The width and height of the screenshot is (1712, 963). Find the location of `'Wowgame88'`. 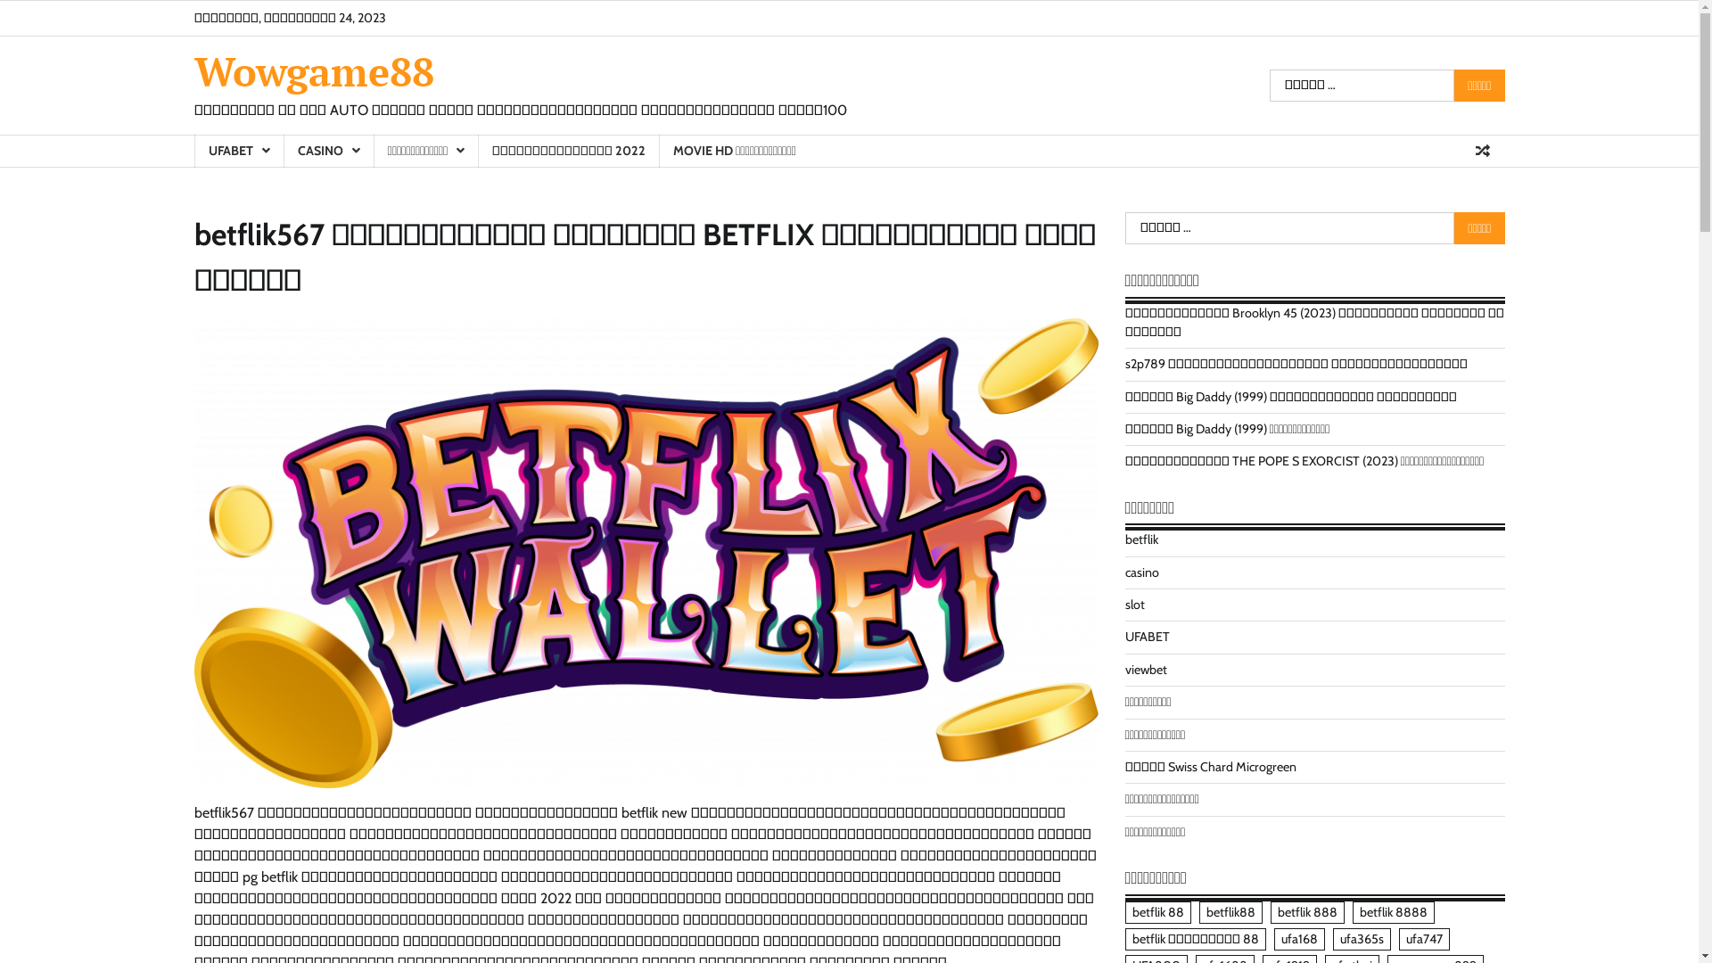

'Wowgame88' is located at coordinates (314, 70).